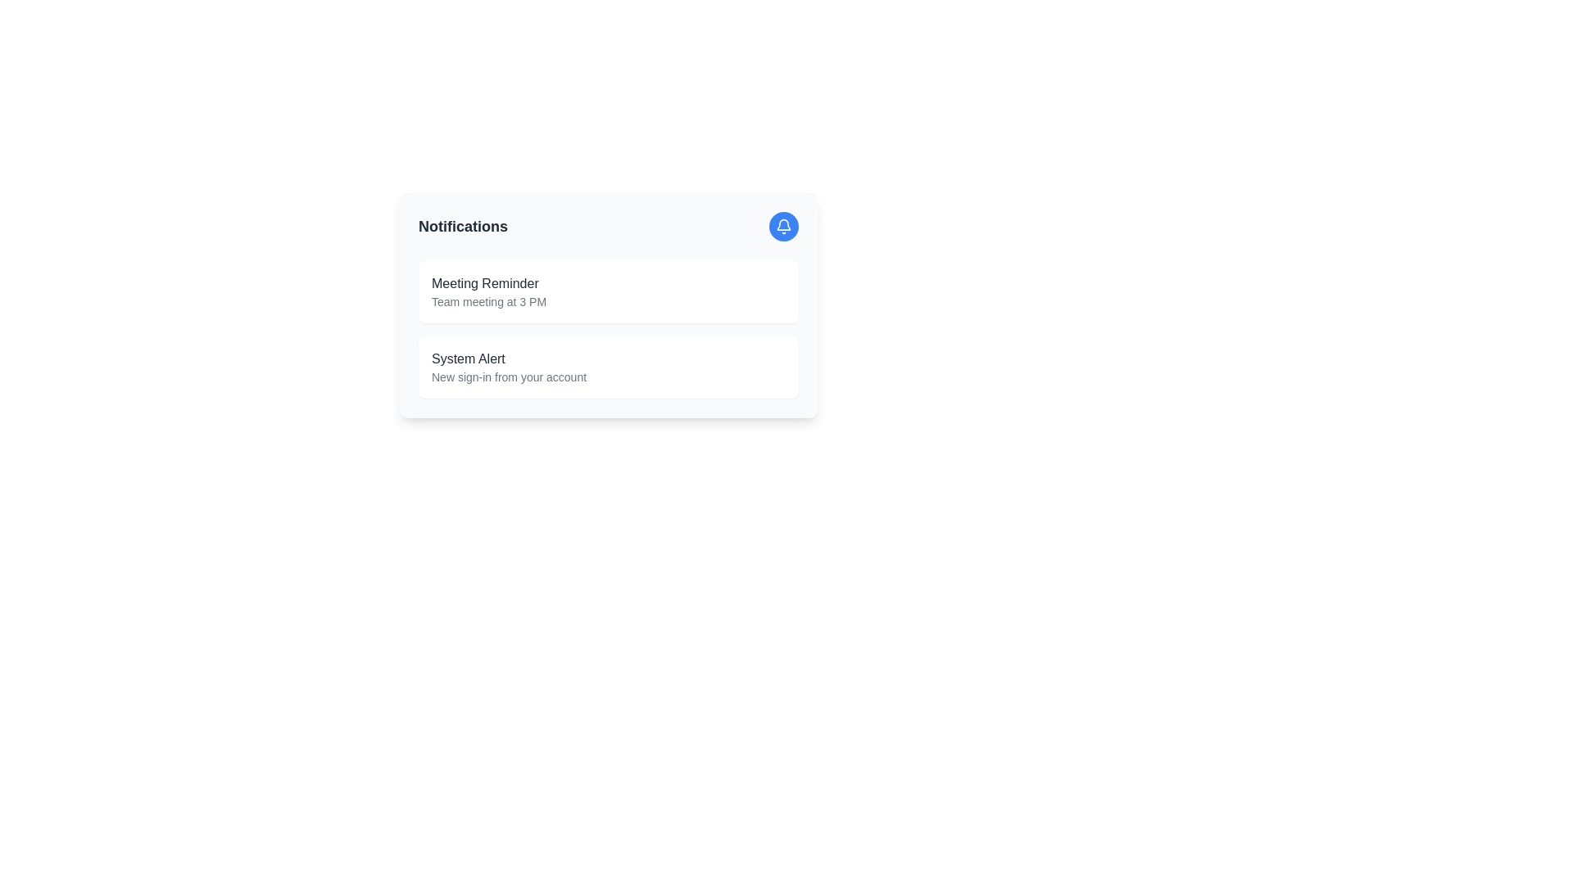 This screenshot has width=1573, height=884. What do you see at coordinates (508, 377) in the screenshot?
I see `the static text element that provides supplementary information about new sign-in activity, located within the 'System Alert' notification card` at bounding box center [508, 377].